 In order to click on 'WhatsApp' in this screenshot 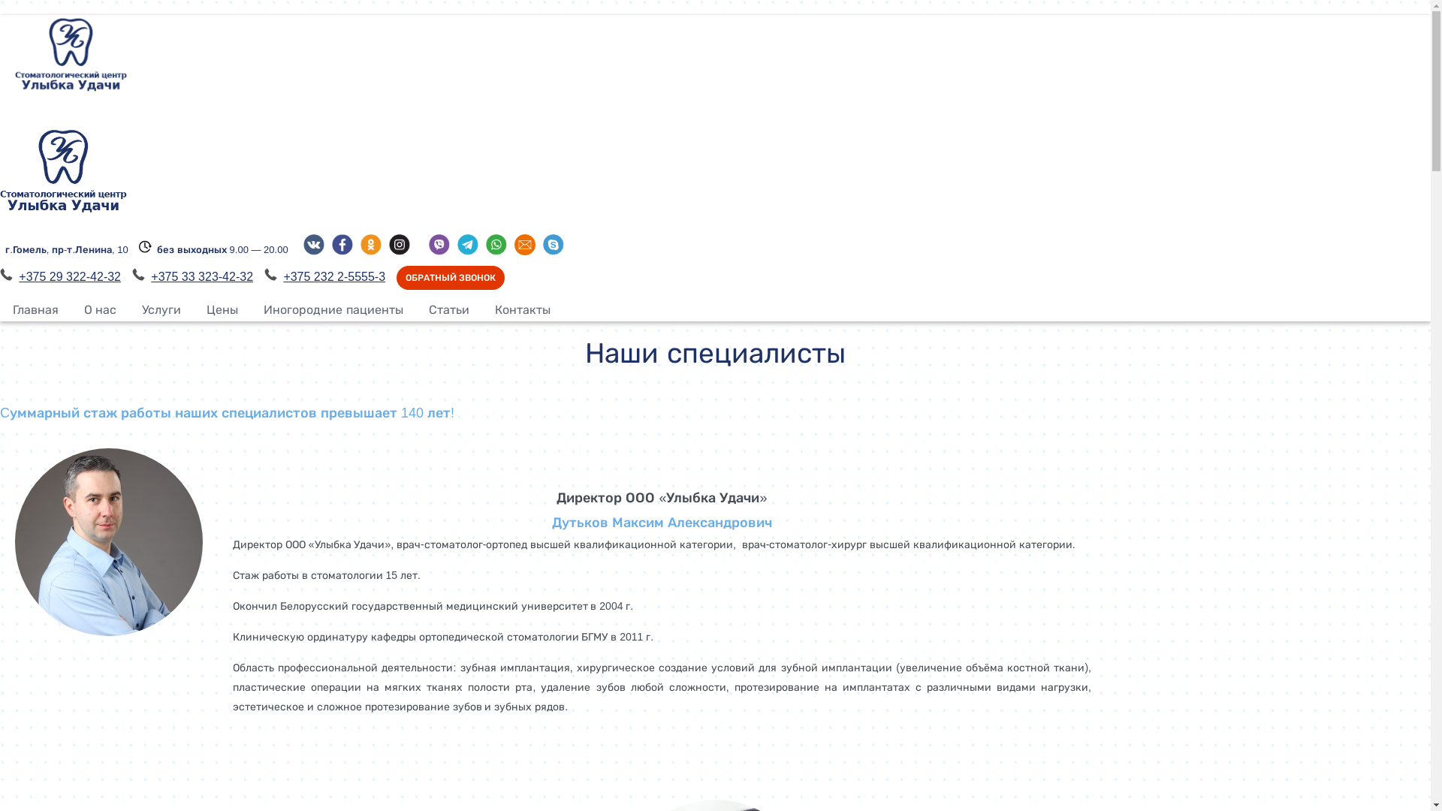, I will do `click(496, 249)`.